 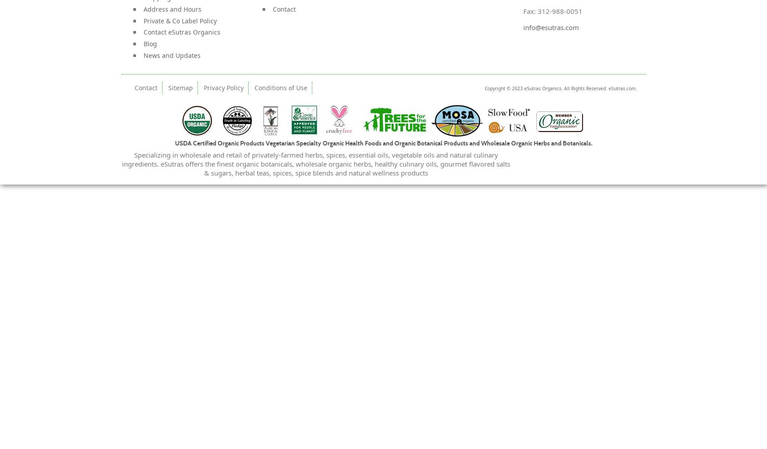 What do you see at coordinates (171, 9) in the screenshot?
I see `'Address and Hours'` at bounding box center [171, 9].